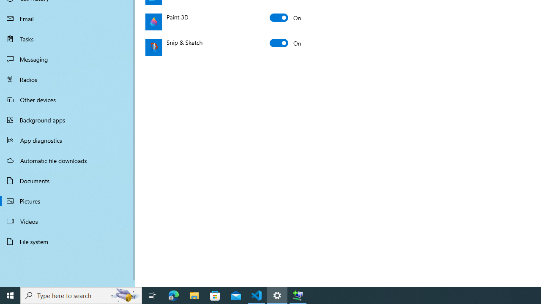  Describe the element at coordinates (68, 18) in the screenshot. I see `'Email'` at that location.